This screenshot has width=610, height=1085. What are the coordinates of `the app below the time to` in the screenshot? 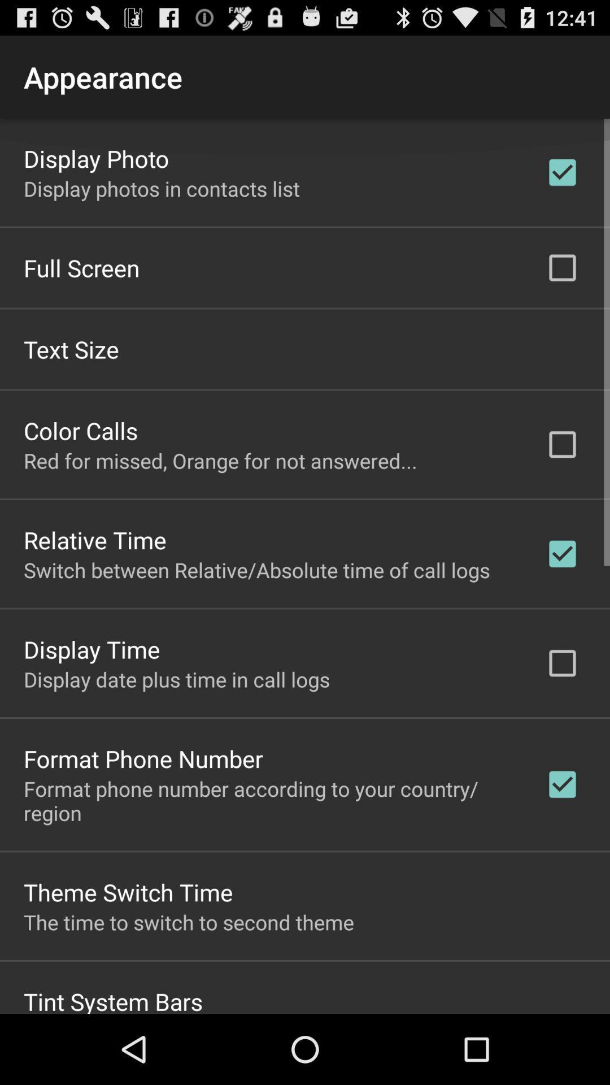 It's located at (113, 999).